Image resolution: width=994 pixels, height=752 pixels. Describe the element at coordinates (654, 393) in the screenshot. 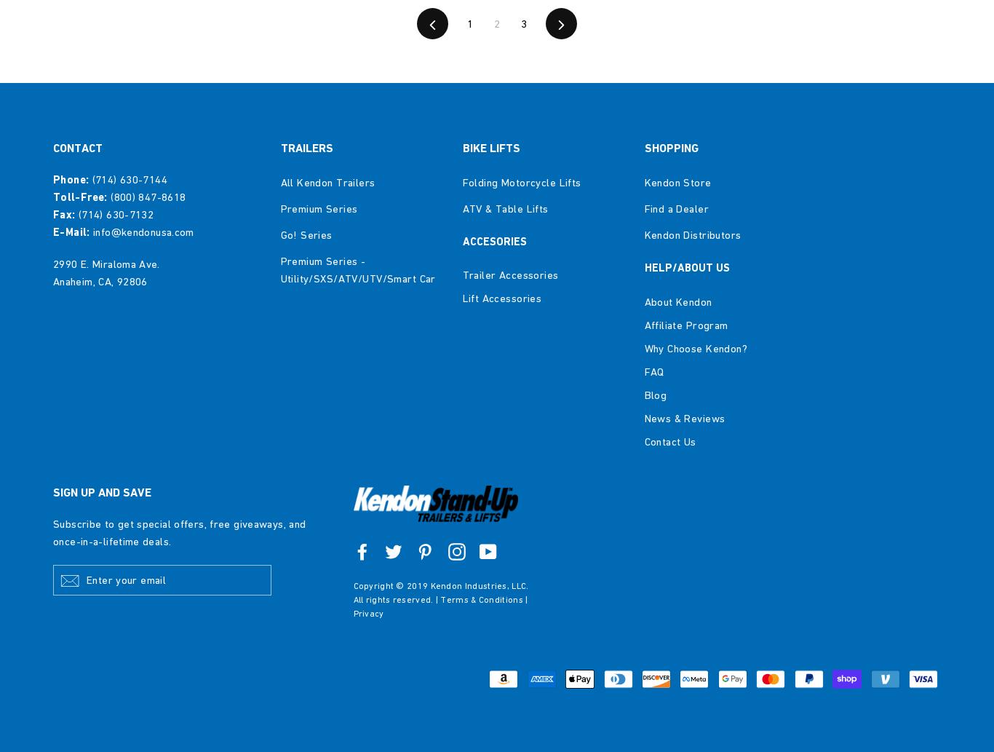

I see `'Blog'` at that location.